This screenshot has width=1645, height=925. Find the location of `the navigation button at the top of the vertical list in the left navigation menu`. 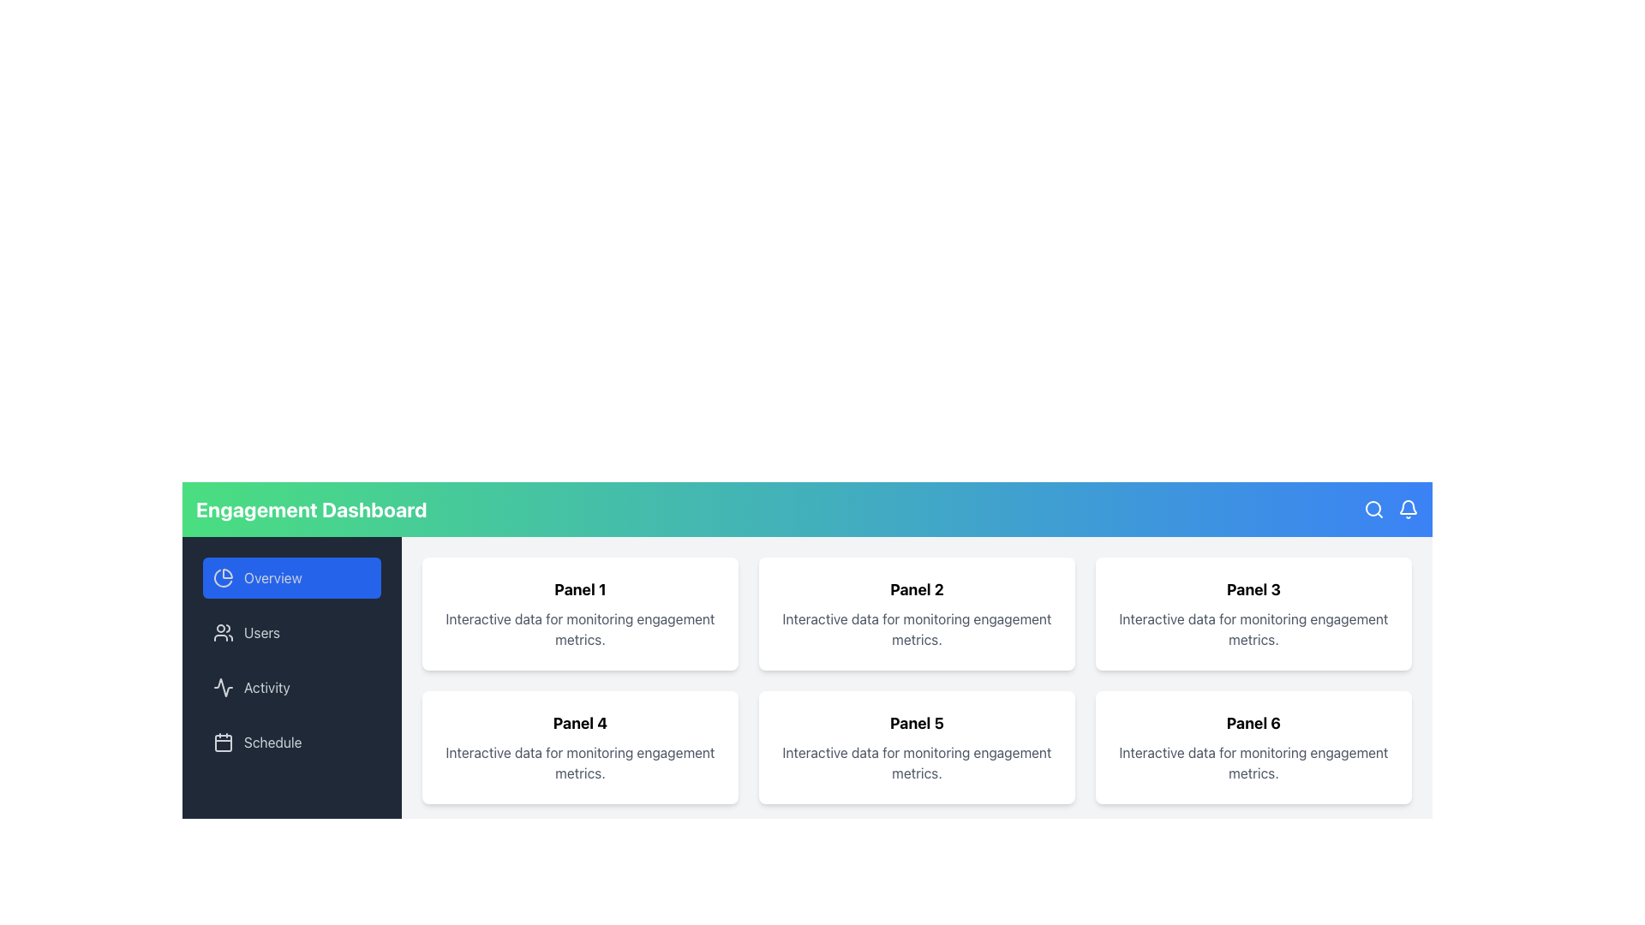

the navigation button at the top of the vertical list in the left navigation menu is located at coordinates (291, 578).